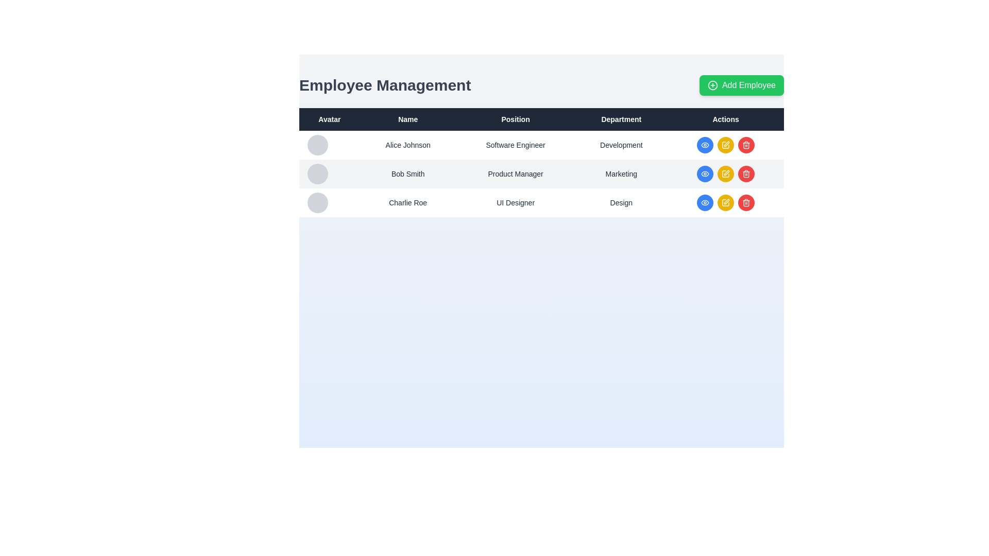 This screenshot has width=989, height=556. What do you see at coordinates (712, 84) in the screenshot?
I see `the circular icon located to the left of the 'Add Employee' button at the top-right corner of the employee data table to initiate the add employee action` at bounding box center [712, 84].